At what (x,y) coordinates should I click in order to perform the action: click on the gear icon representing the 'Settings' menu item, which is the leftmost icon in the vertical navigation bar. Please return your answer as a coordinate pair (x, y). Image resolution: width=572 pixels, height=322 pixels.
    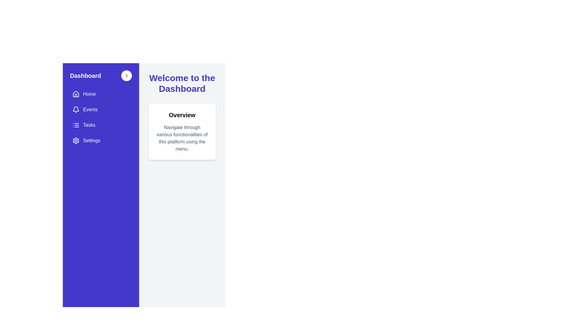
    Looking at the image, I should click on (75, 140).